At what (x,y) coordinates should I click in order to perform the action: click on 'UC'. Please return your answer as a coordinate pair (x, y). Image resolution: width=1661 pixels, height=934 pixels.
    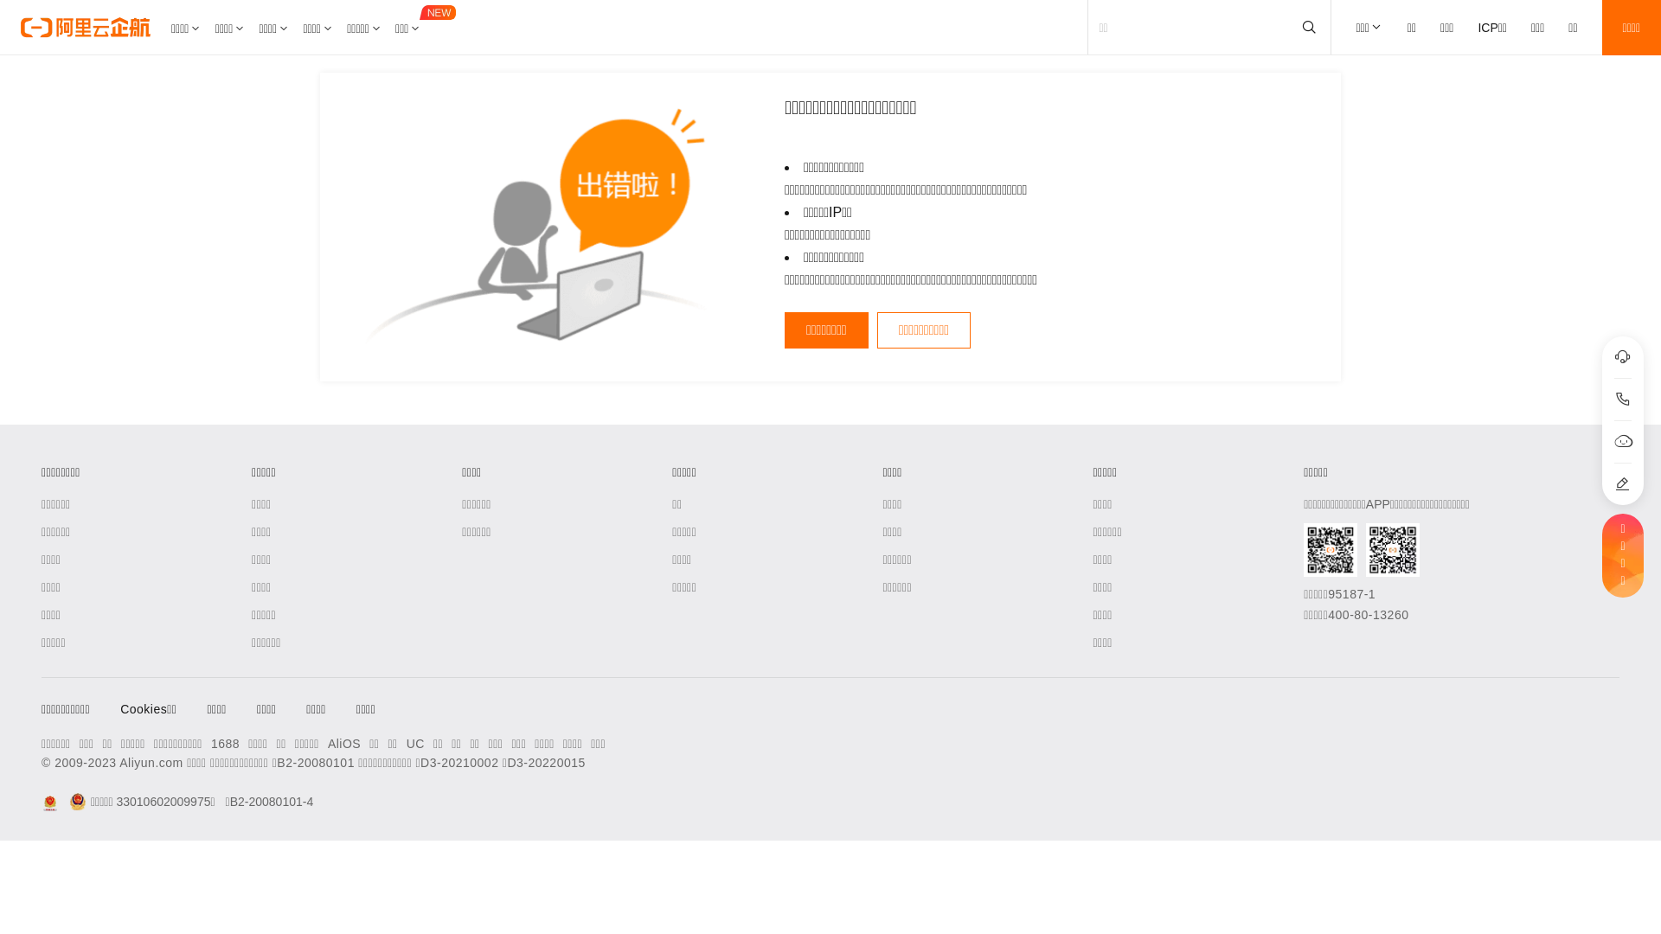
    Looking at the image, I should click on (415, 743).